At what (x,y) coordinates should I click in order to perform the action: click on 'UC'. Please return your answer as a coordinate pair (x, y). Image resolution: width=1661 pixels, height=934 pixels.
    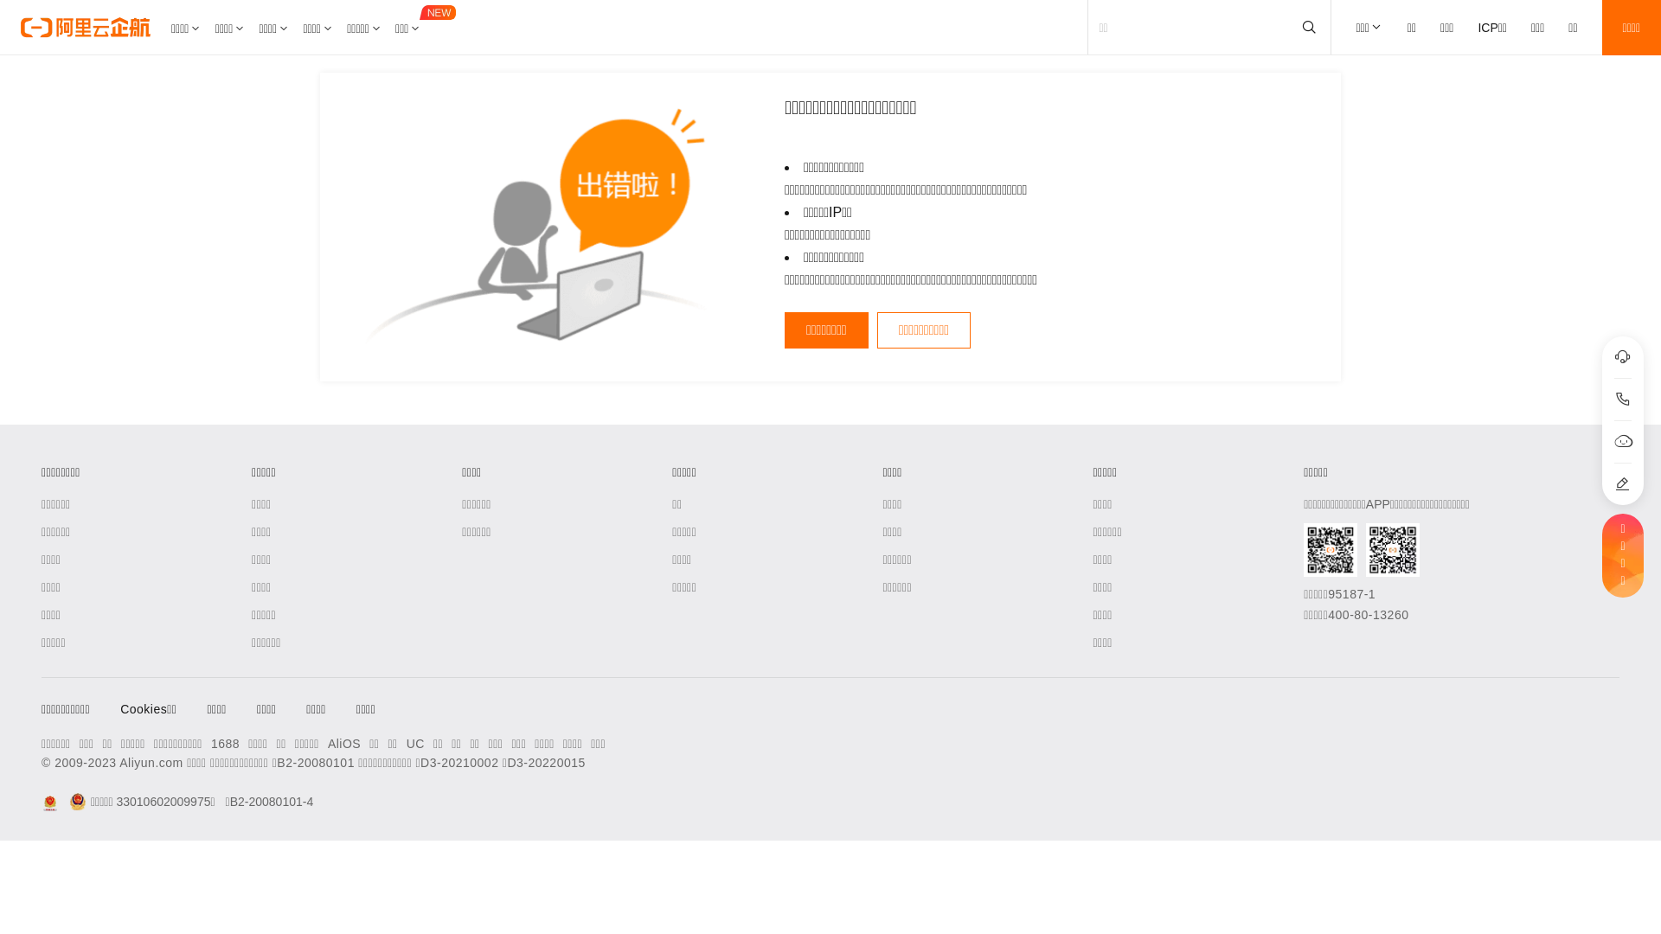
    Looking at the image, I should click on (415, 743).